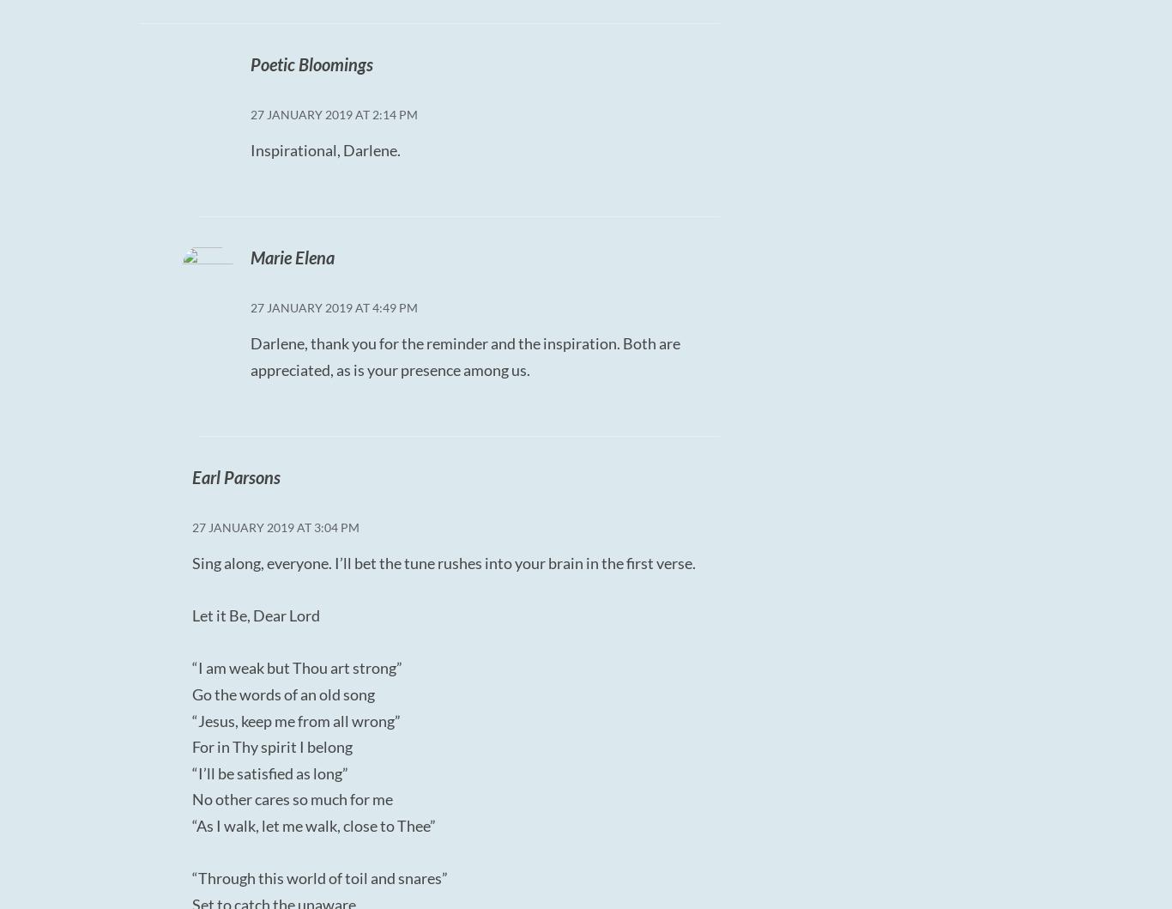 The image size is (1172, 909). What do you see at coordinates (323, 149) in the screenshot?
I see `'Inspirational, Darlene.'` at bounding box center [323, 149].